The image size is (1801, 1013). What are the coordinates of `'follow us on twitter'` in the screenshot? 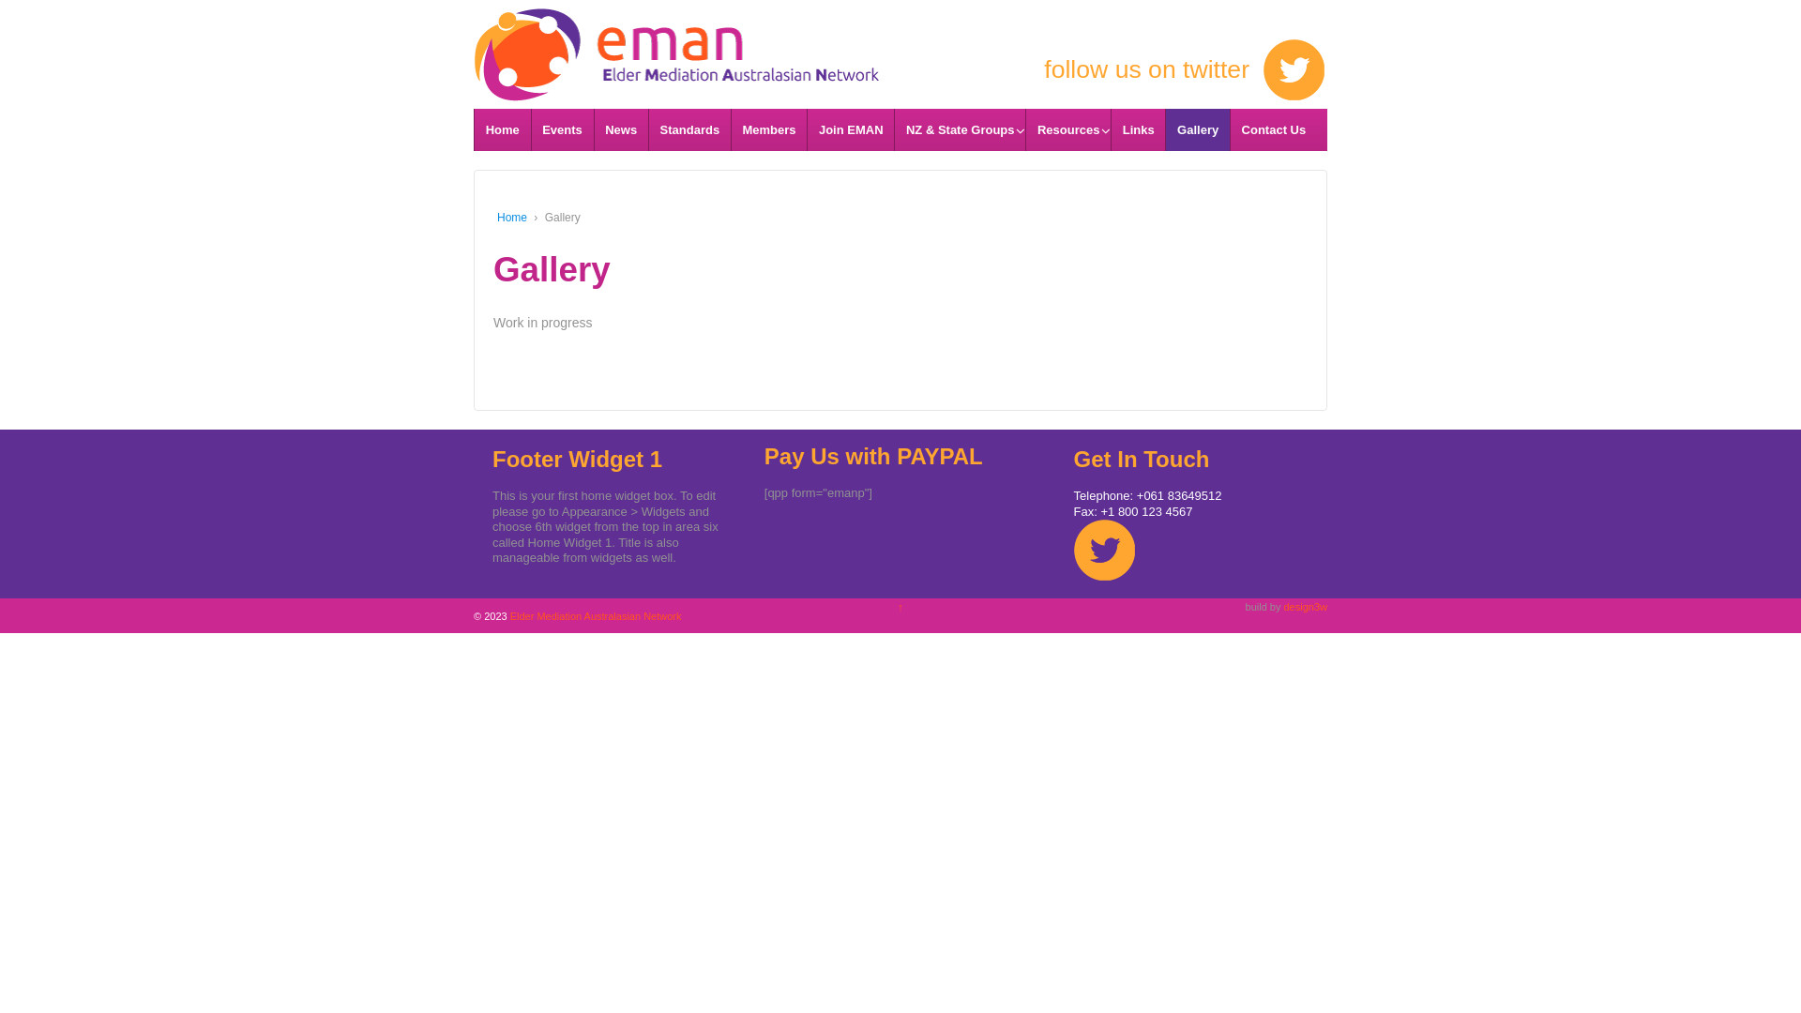 It's located at (944, 68).